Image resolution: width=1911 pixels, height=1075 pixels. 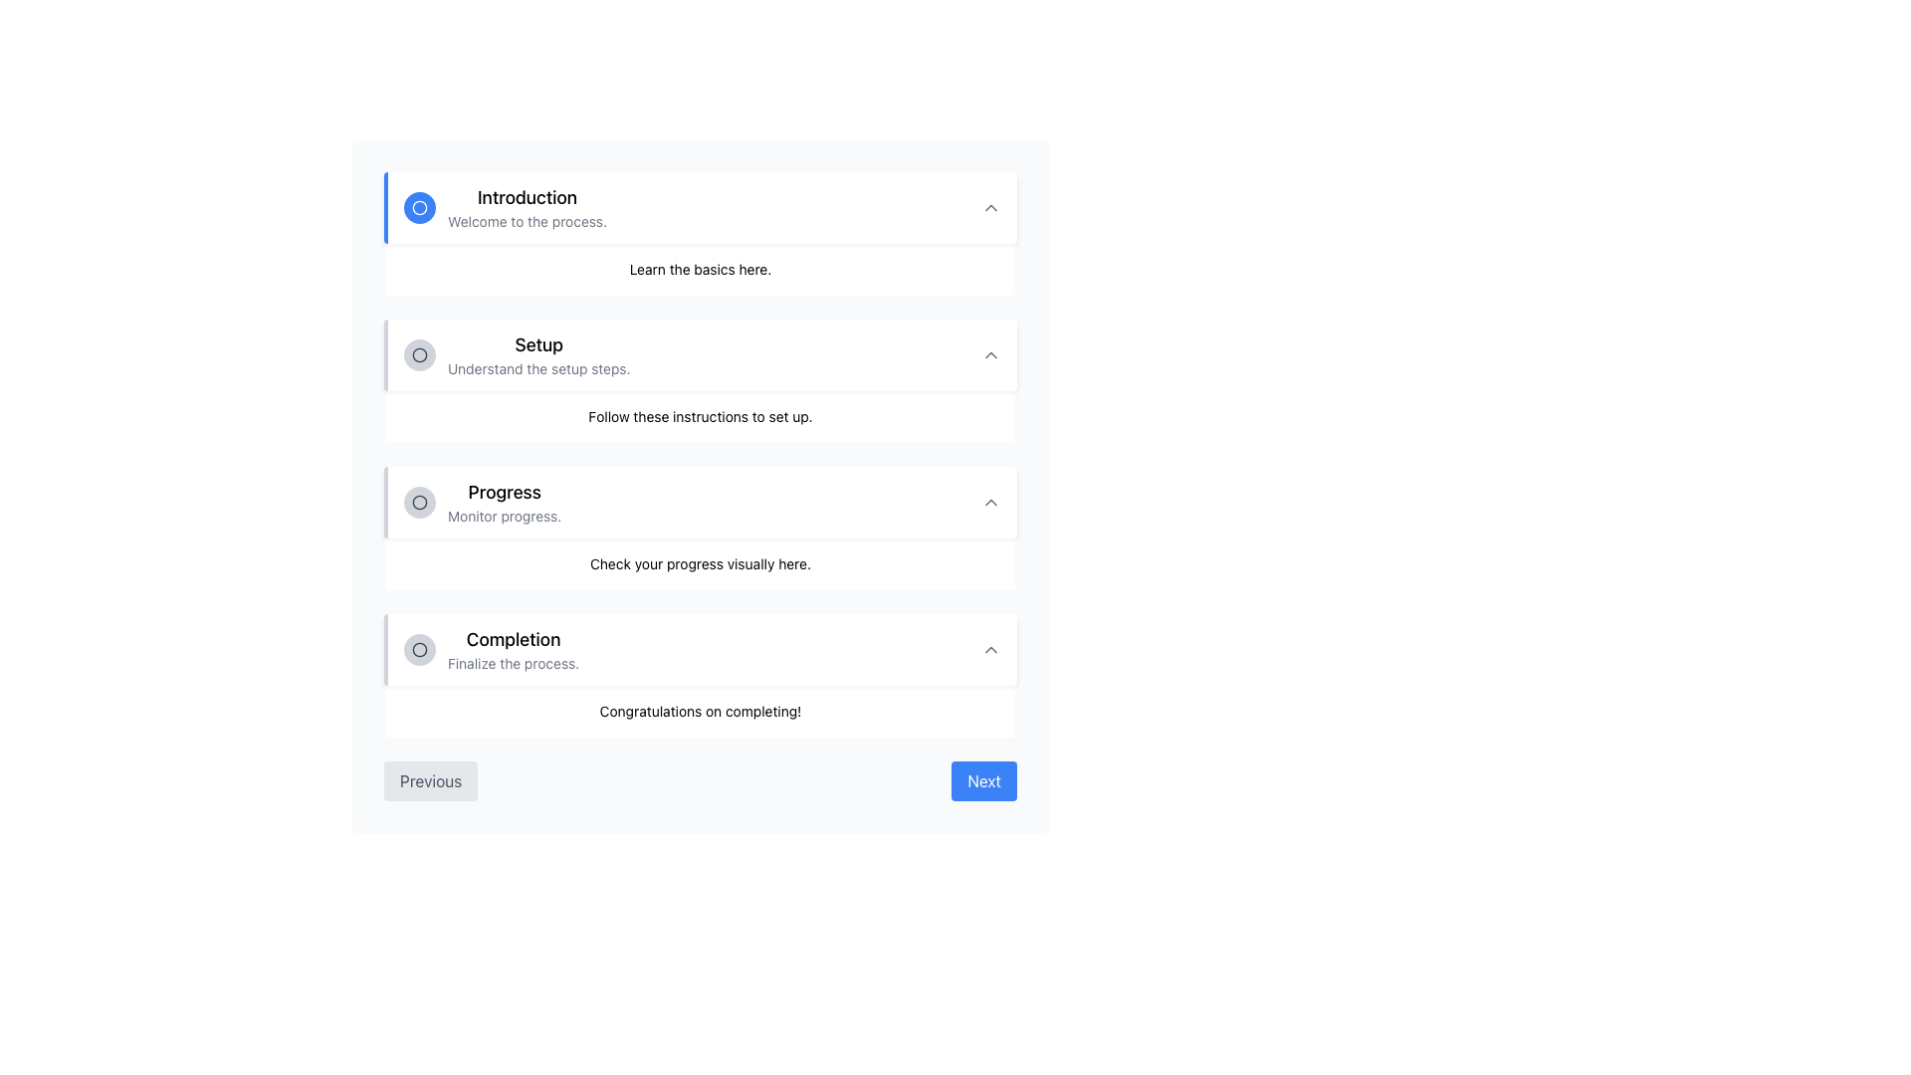 What do you see at coordinates (514, 664) in the screenshot?
I see `descriptive text located in the 'Completion' section, positioned directly below the main section label and aligned to the left` at bounding box center [514, 664].